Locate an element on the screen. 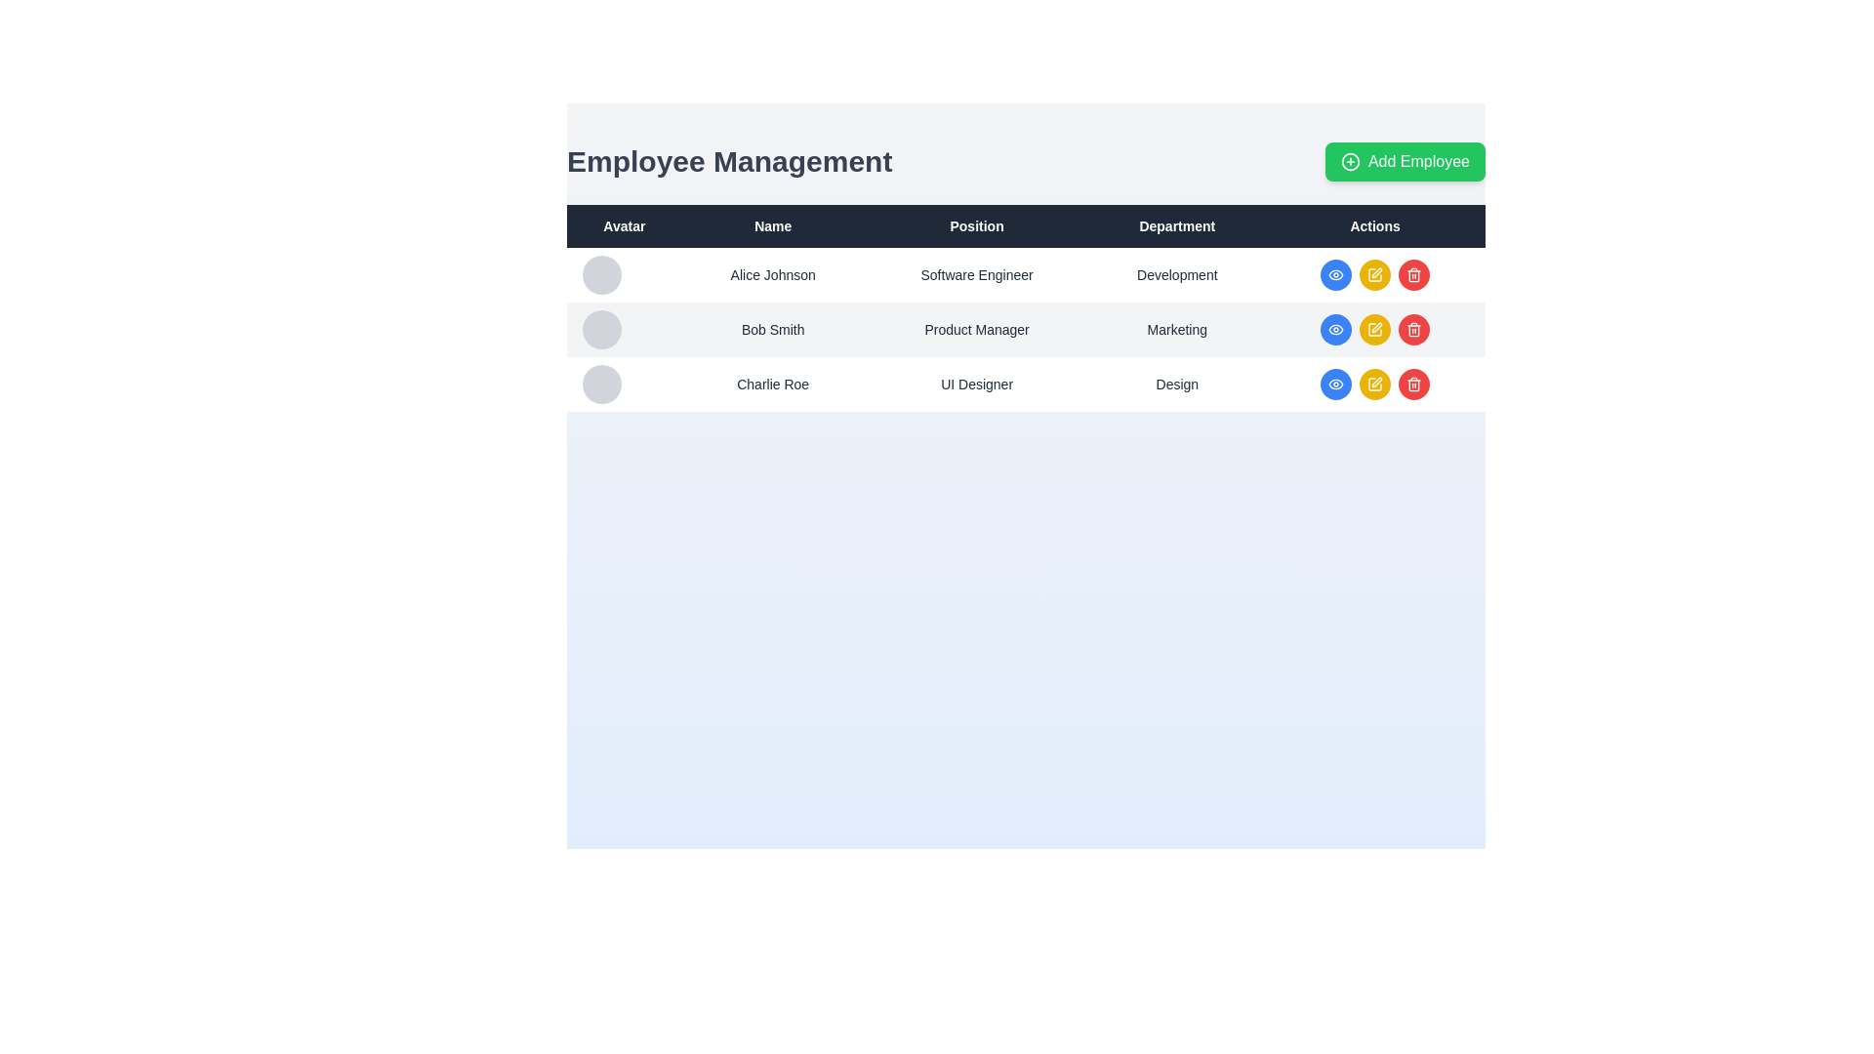 This screenshot has width=1874, height=1054. the rows of the Data table displaying employee information is located at coordinates (1025, 307).